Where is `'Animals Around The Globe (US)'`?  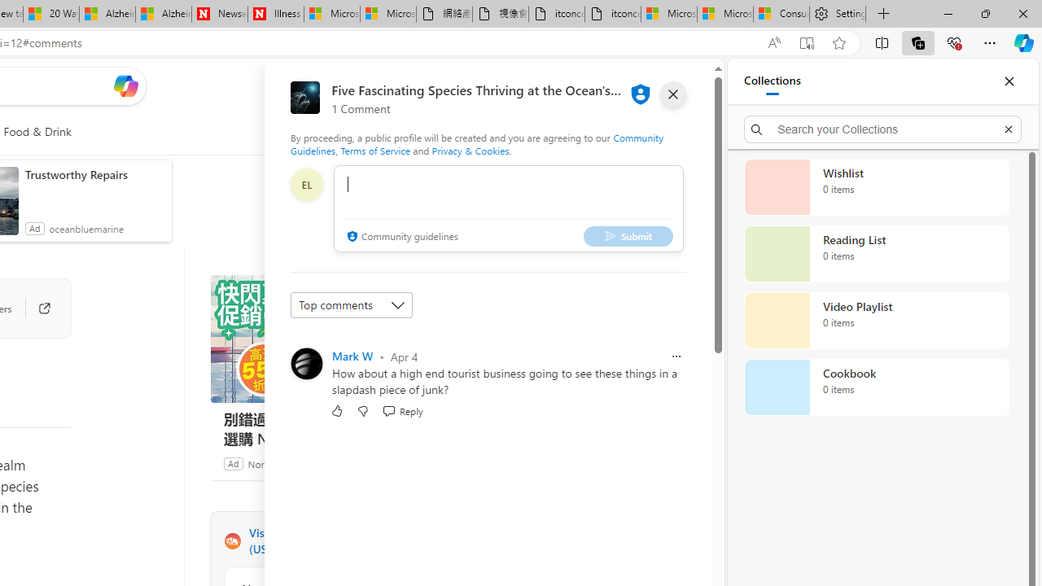
'Animals Around The Globe (US)' is located at coordinates (231, 541).